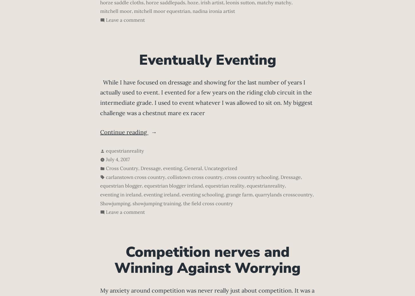 This screenshot has width=415, height=296. I want to click on 'mitchell moor equestrian', so click(162, 11).